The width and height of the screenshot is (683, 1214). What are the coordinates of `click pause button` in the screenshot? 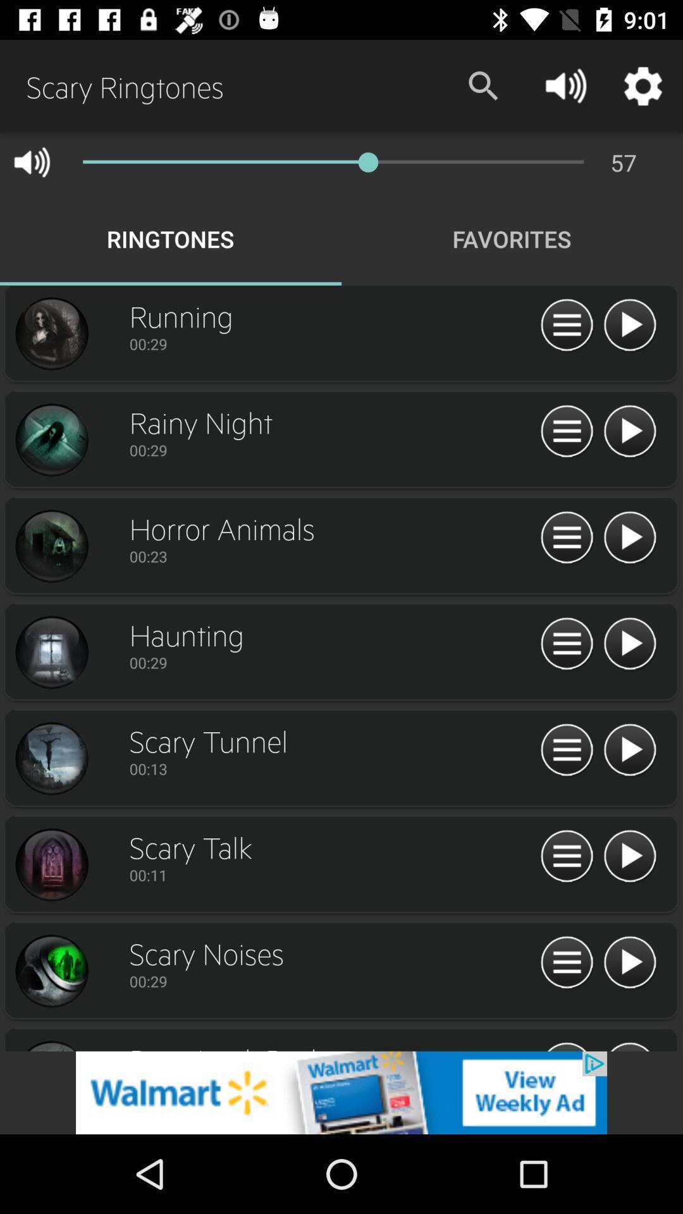 It's located at (566, 538).